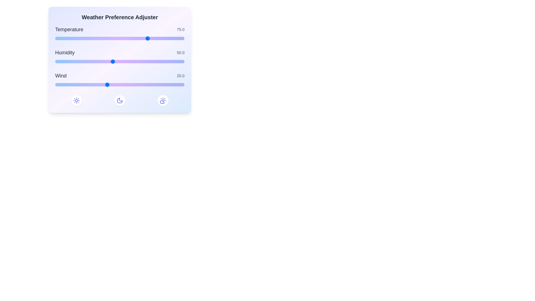  What do you see at coordinates (120, 80) in the screenshot?
I see `the slider control labeled 'Wind' to set a value, which is visually represented by a gradient-colored slider and a numerical value display of '20.0'` at bounding box center [120, 80].